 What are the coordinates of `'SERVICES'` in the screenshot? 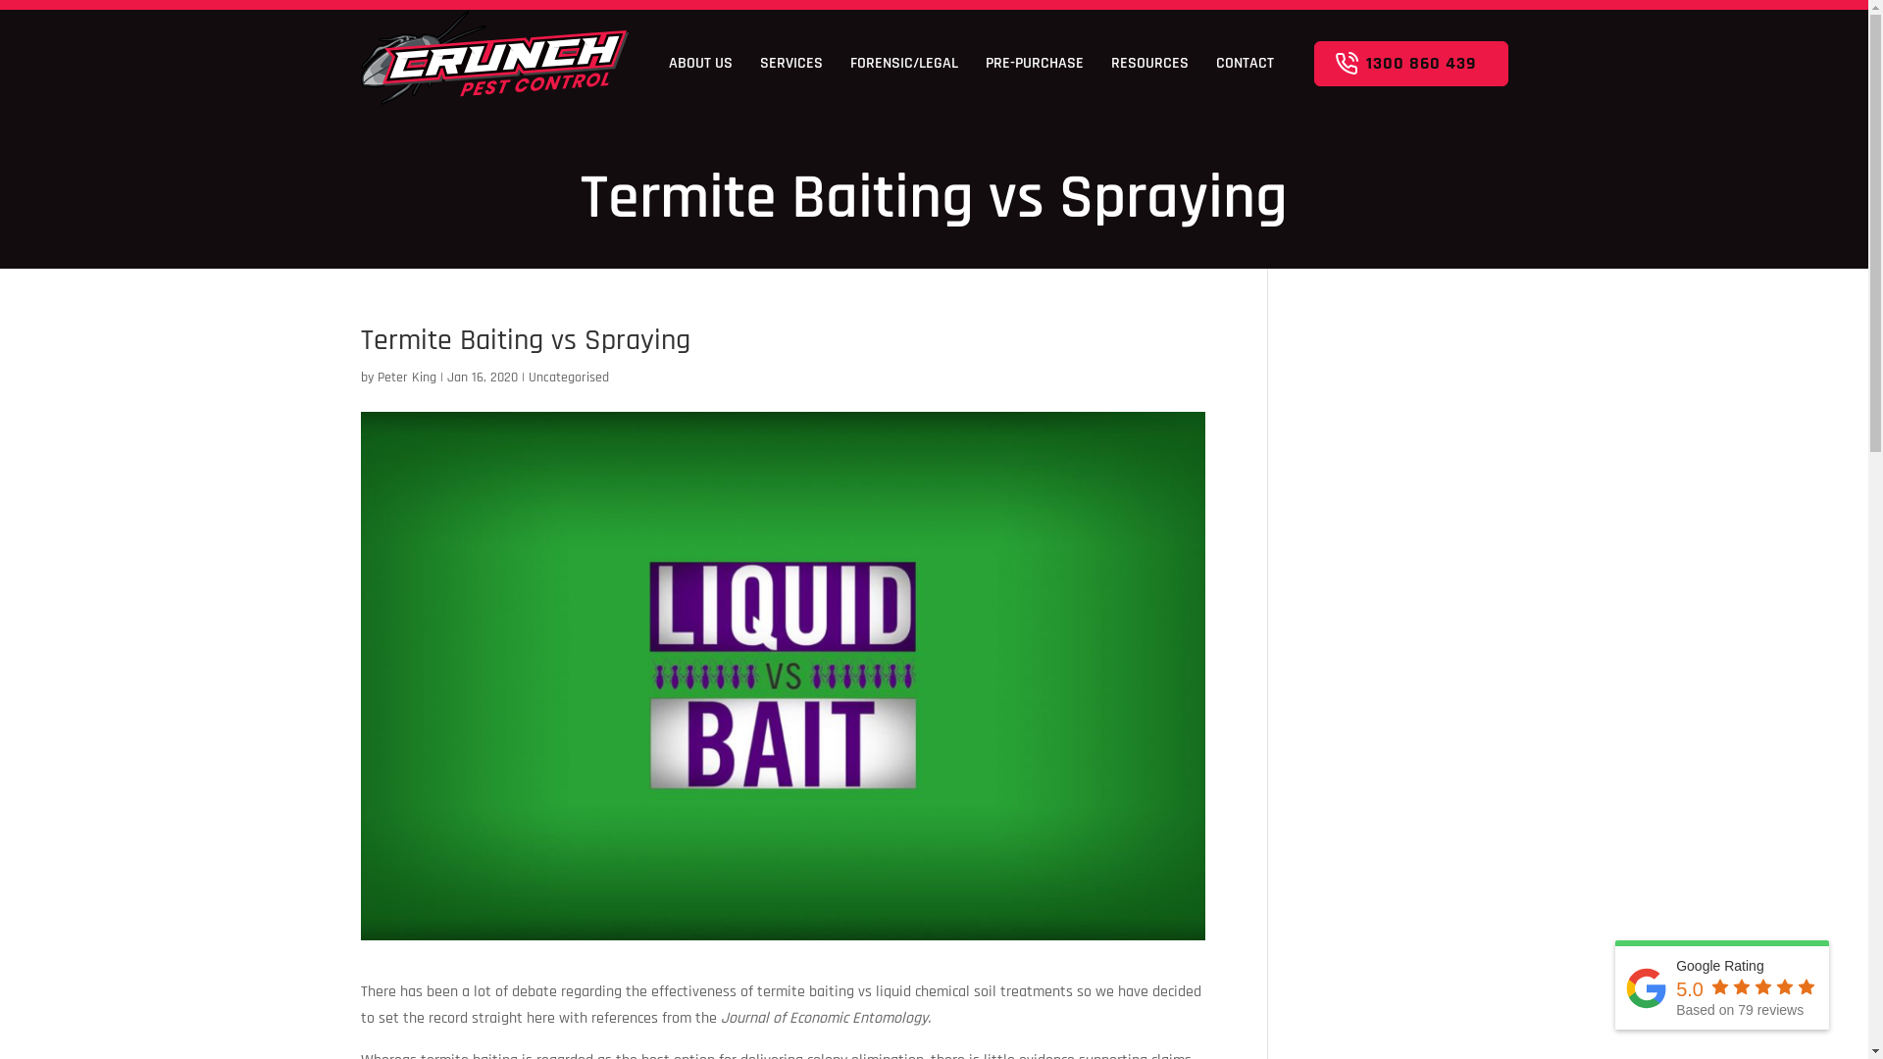 It's located at (790, 62).